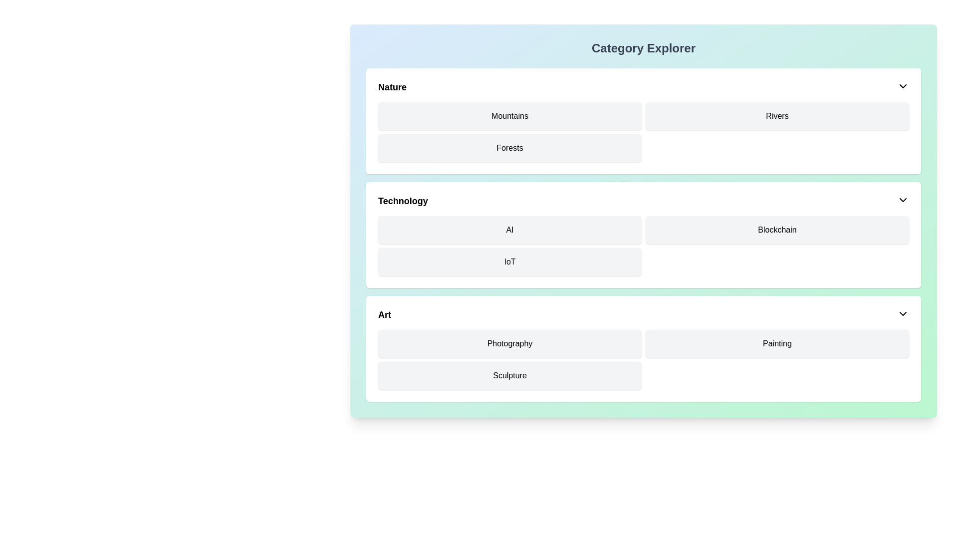 This screenshot has width=958, height=539. What do you see at coordinates (510, 261) in the screenshot?
I see `the 'IoT' category button or label located in the second row of the 'Technology' section` at bounding box center [510, 261].